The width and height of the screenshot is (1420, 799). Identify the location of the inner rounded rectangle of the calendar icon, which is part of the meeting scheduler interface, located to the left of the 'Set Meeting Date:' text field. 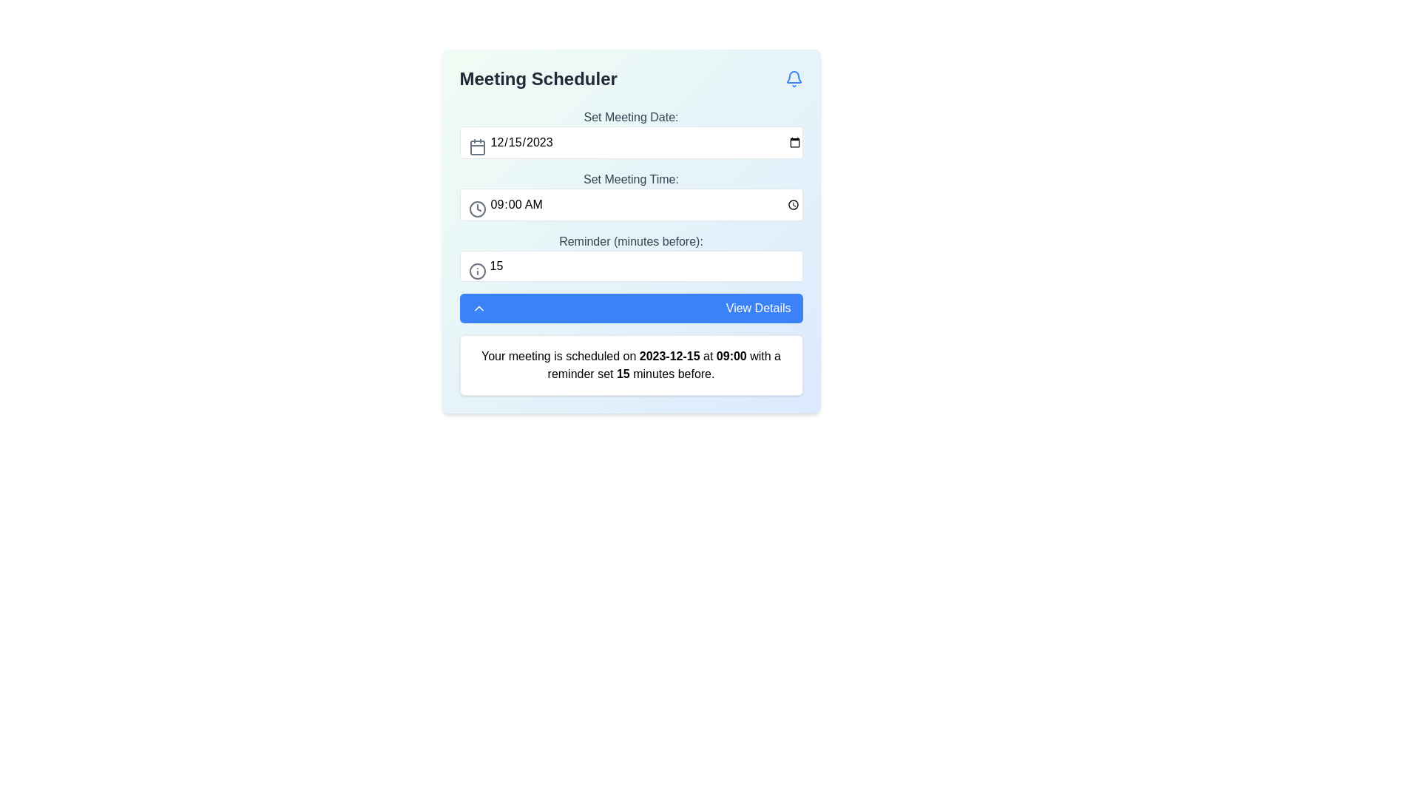
(477, 148).